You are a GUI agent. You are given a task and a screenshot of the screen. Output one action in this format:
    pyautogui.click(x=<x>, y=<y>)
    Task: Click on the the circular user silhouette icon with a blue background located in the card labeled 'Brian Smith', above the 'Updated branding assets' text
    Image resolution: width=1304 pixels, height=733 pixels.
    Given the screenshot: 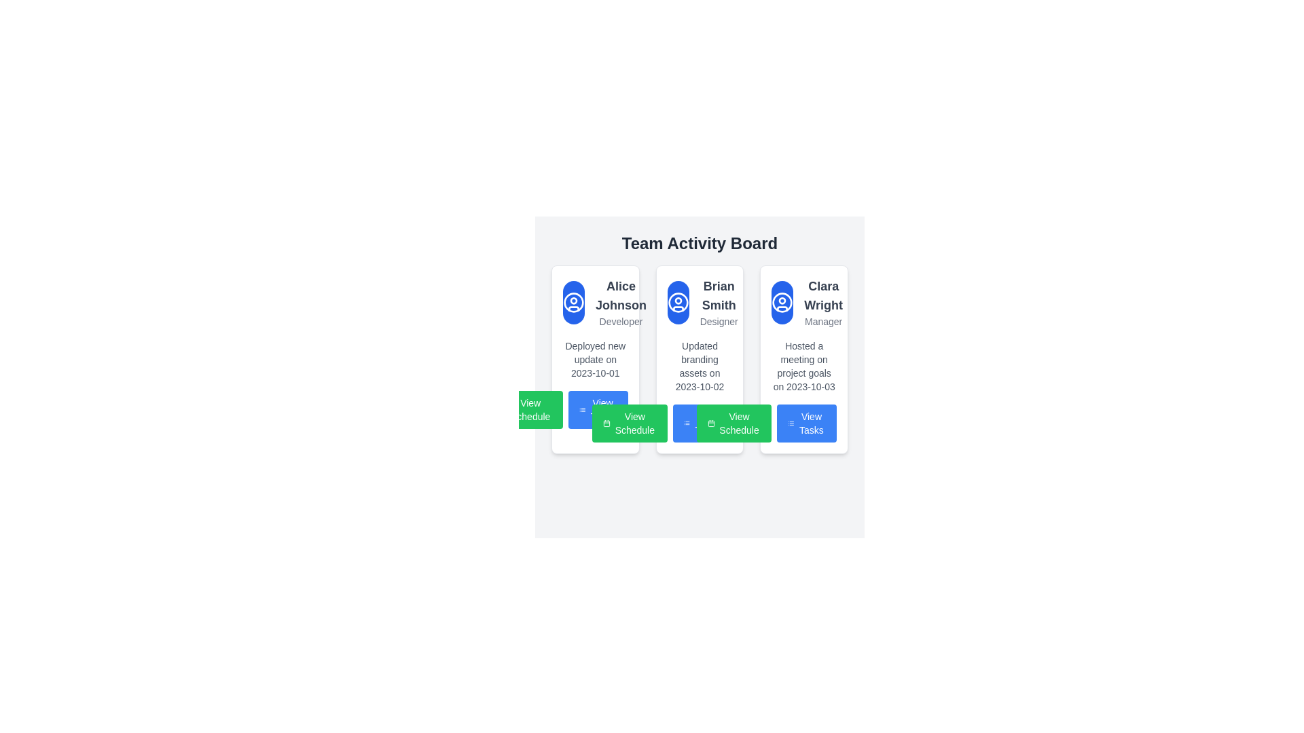 What is the action you would take?
    pyautogui.click(x=678, y=302)
    